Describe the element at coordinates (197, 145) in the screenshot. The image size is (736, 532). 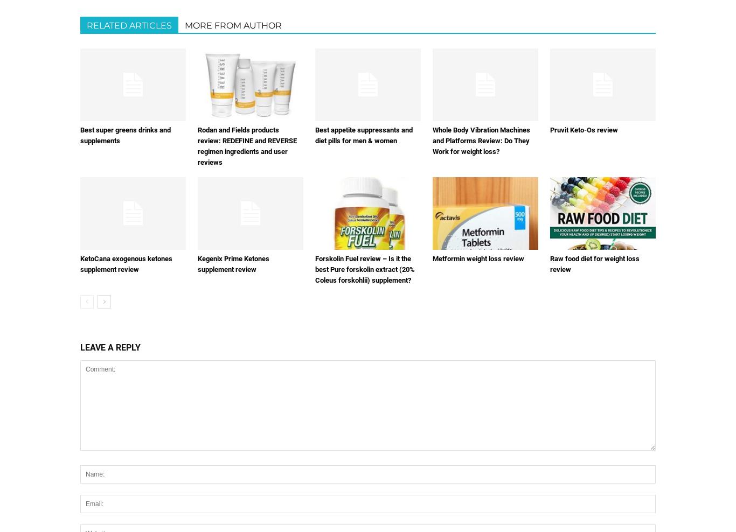
I see `'Rodan and Fields products review: REDEFINE and REVERSE regimen ingredients and user reviews'` at that location.